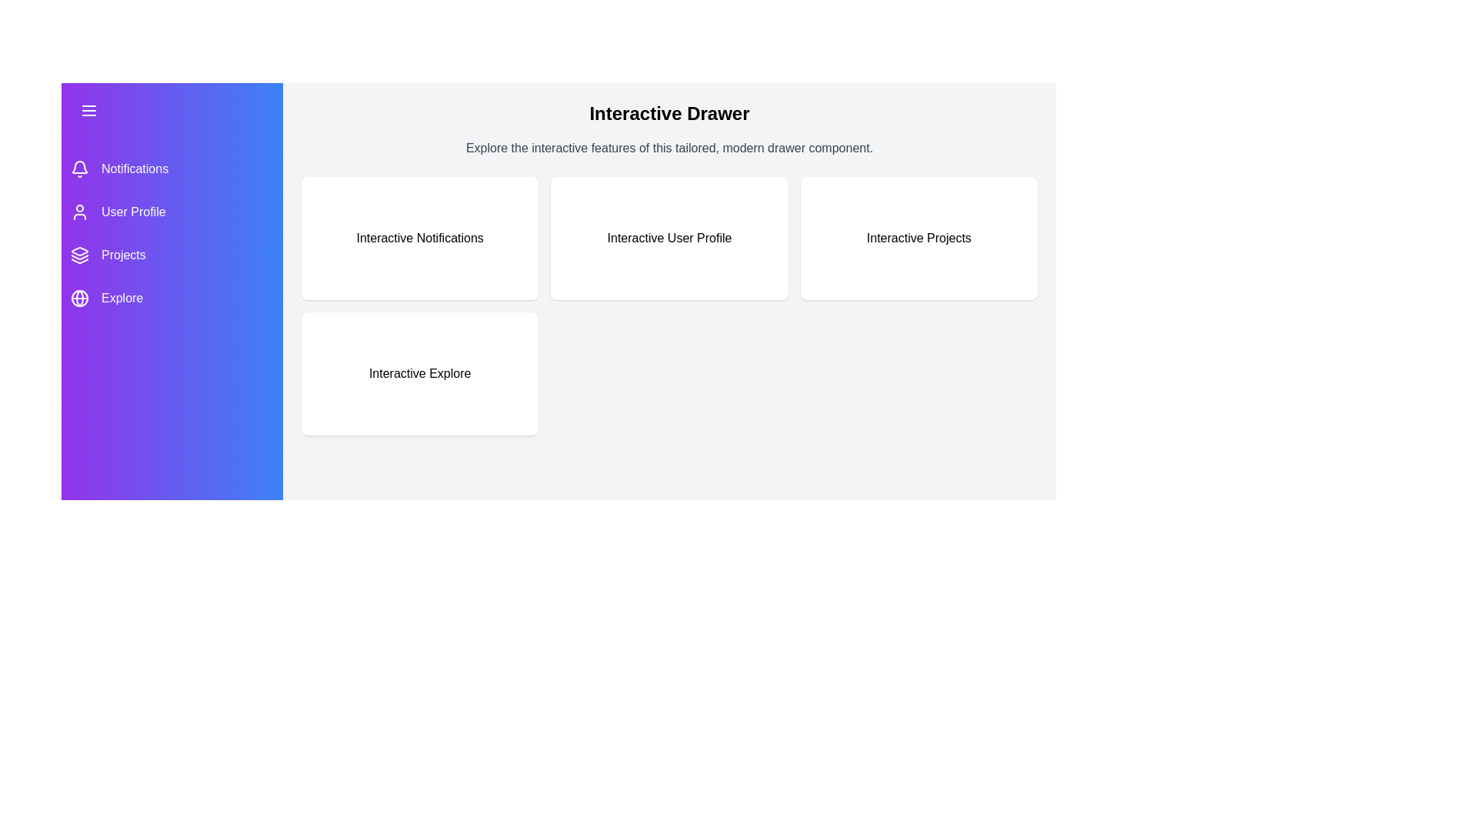  Describe the element at coordinates (172, 254) in the screenshot. I see `the menu item Projects to navigate` at that location.